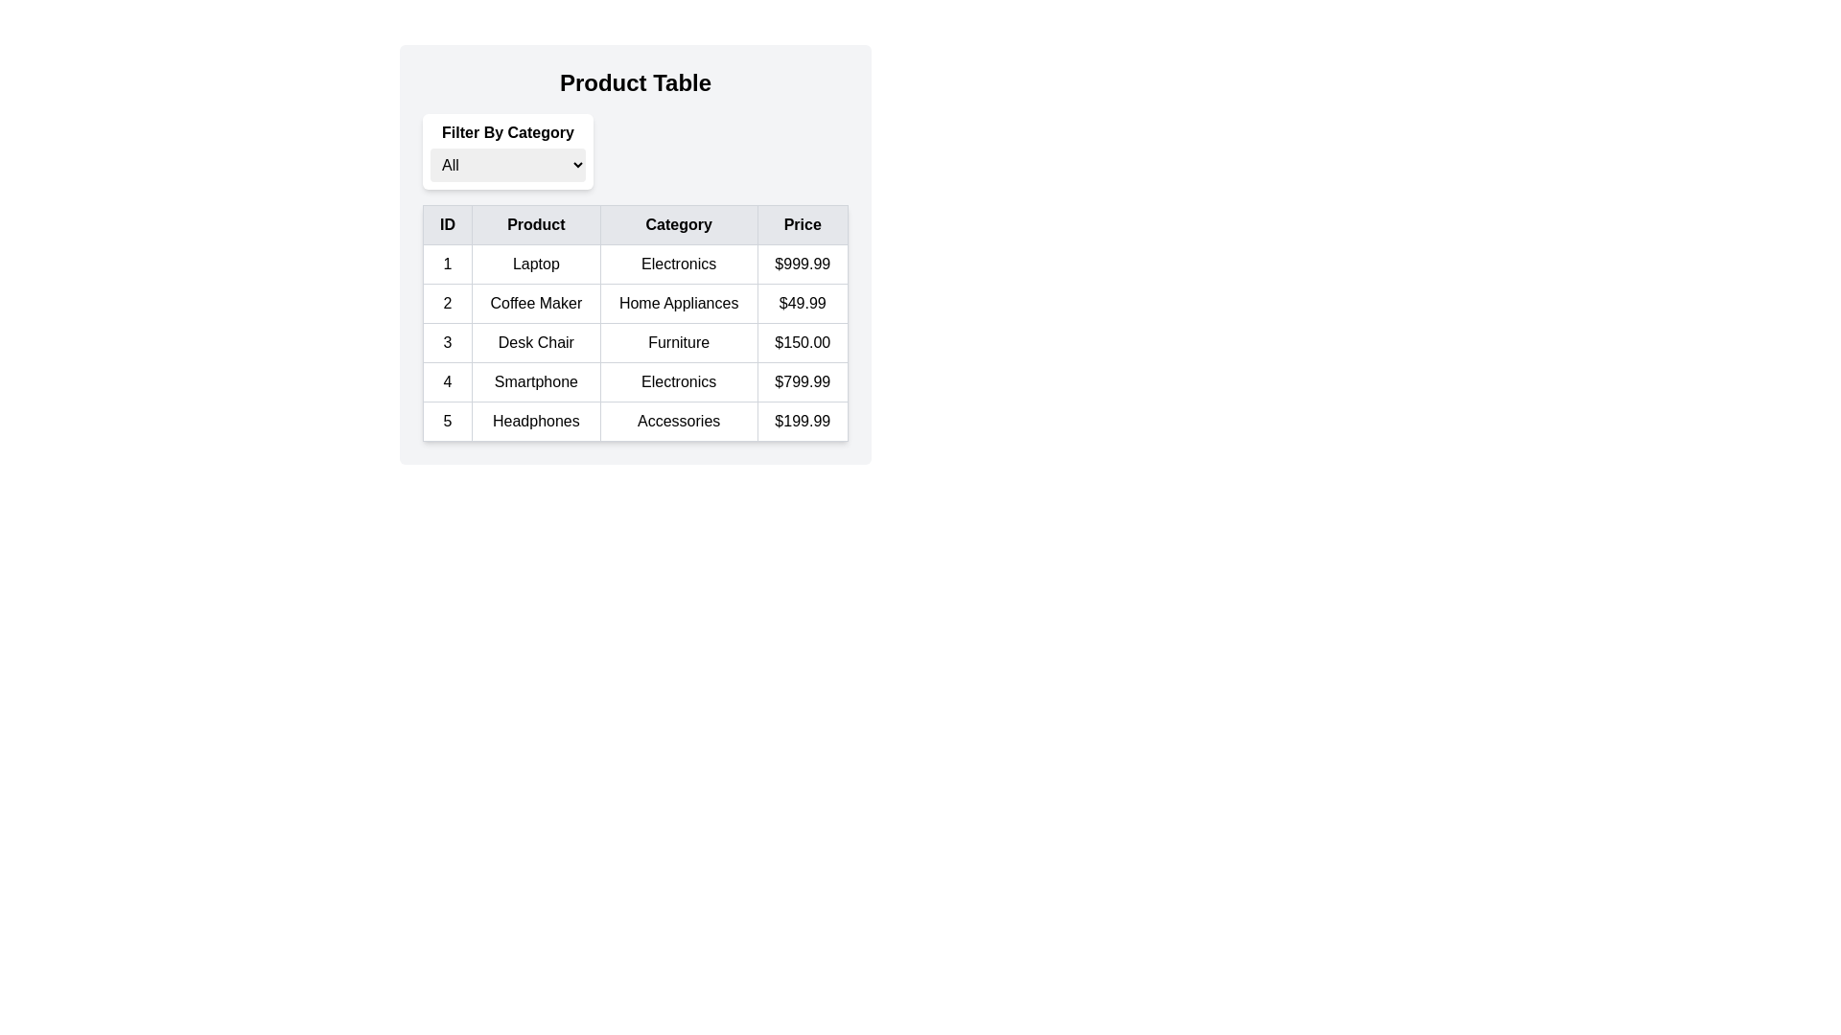 Image resolution: width=1841 pixels, height=1035 pixels. What do you see at coordinates (446, 224) in the screenshot?
I see `the 'ID' column header cell of the data table, which is the first cell in the header row indicating the data below belongs to the 'ID' category` at bounding box center [446, 224].